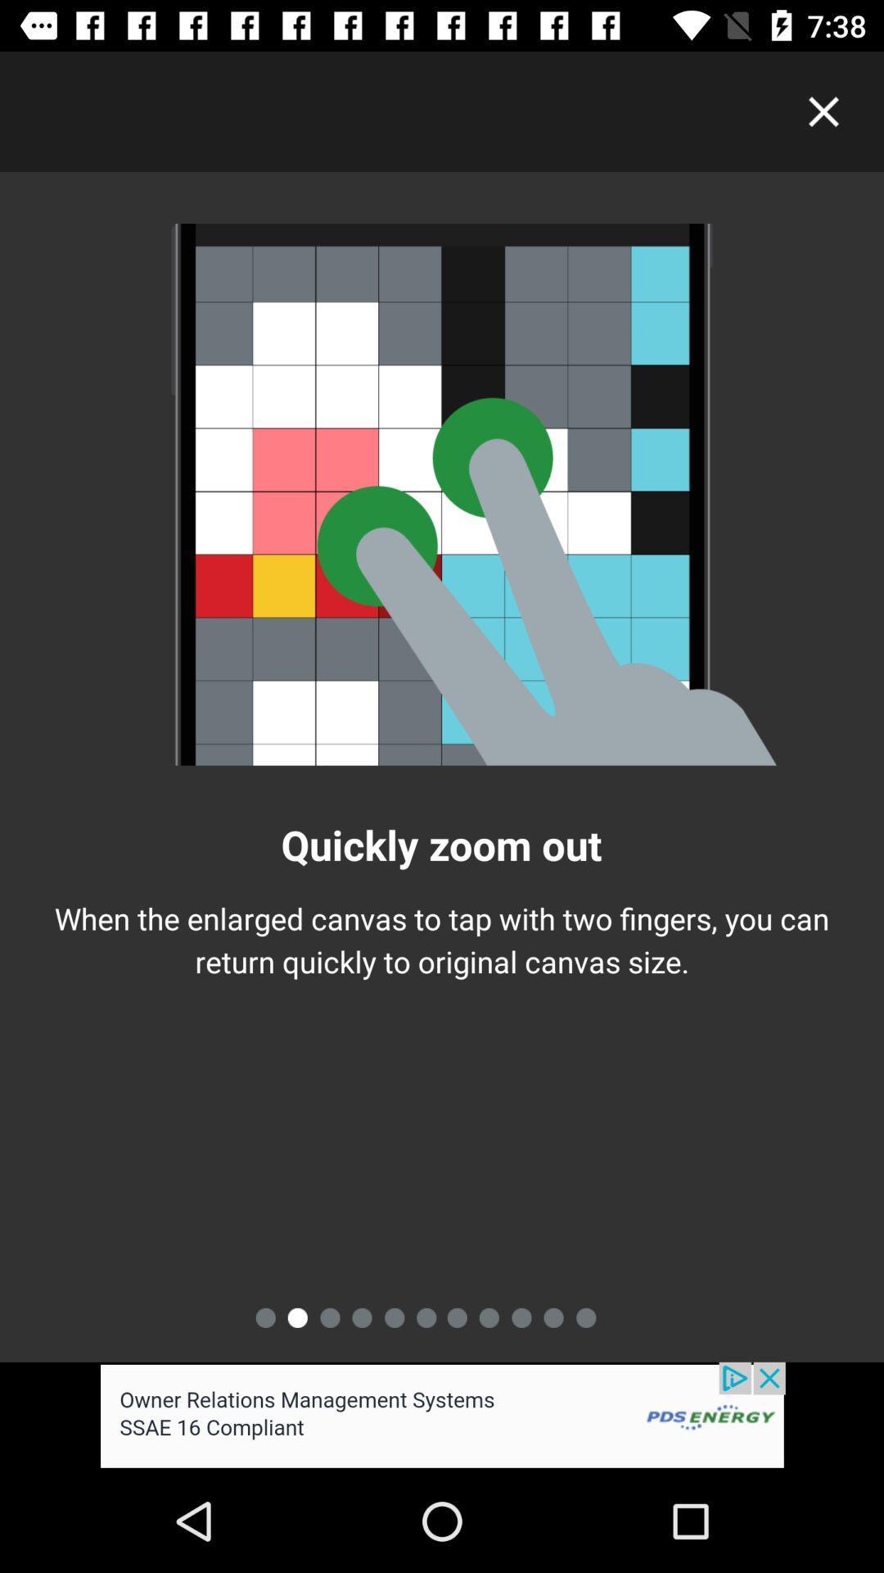 This screenshot has height=1573, width=884. What do you see at coordinates (442, 1415) in the screenshot?
I see `the advertisement` at bounding box center [442, 1415].